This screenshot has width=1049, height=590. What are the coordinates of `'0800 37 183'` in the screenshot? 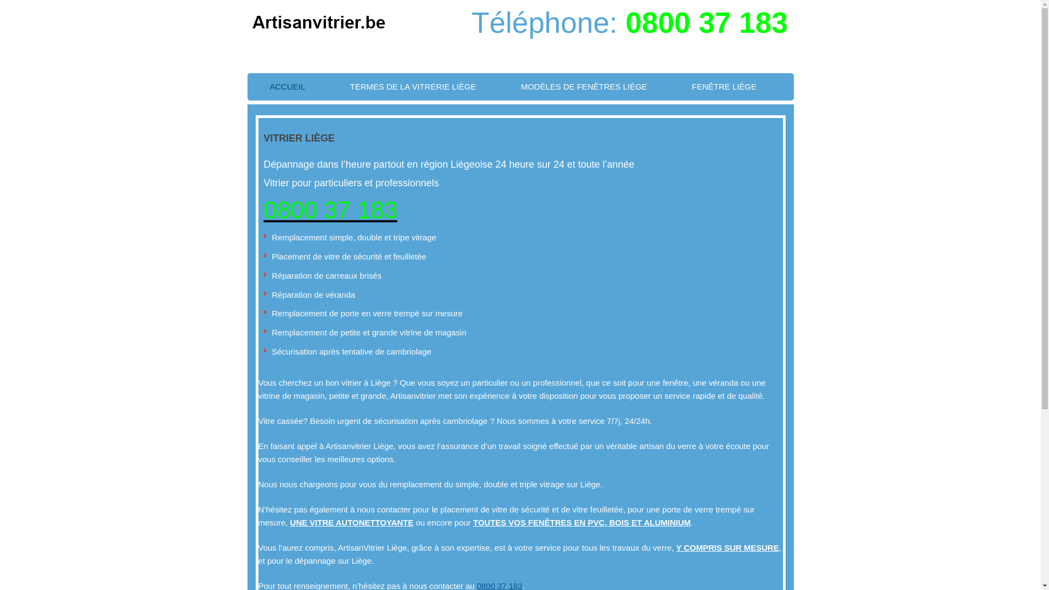 It's located at (329, 210).